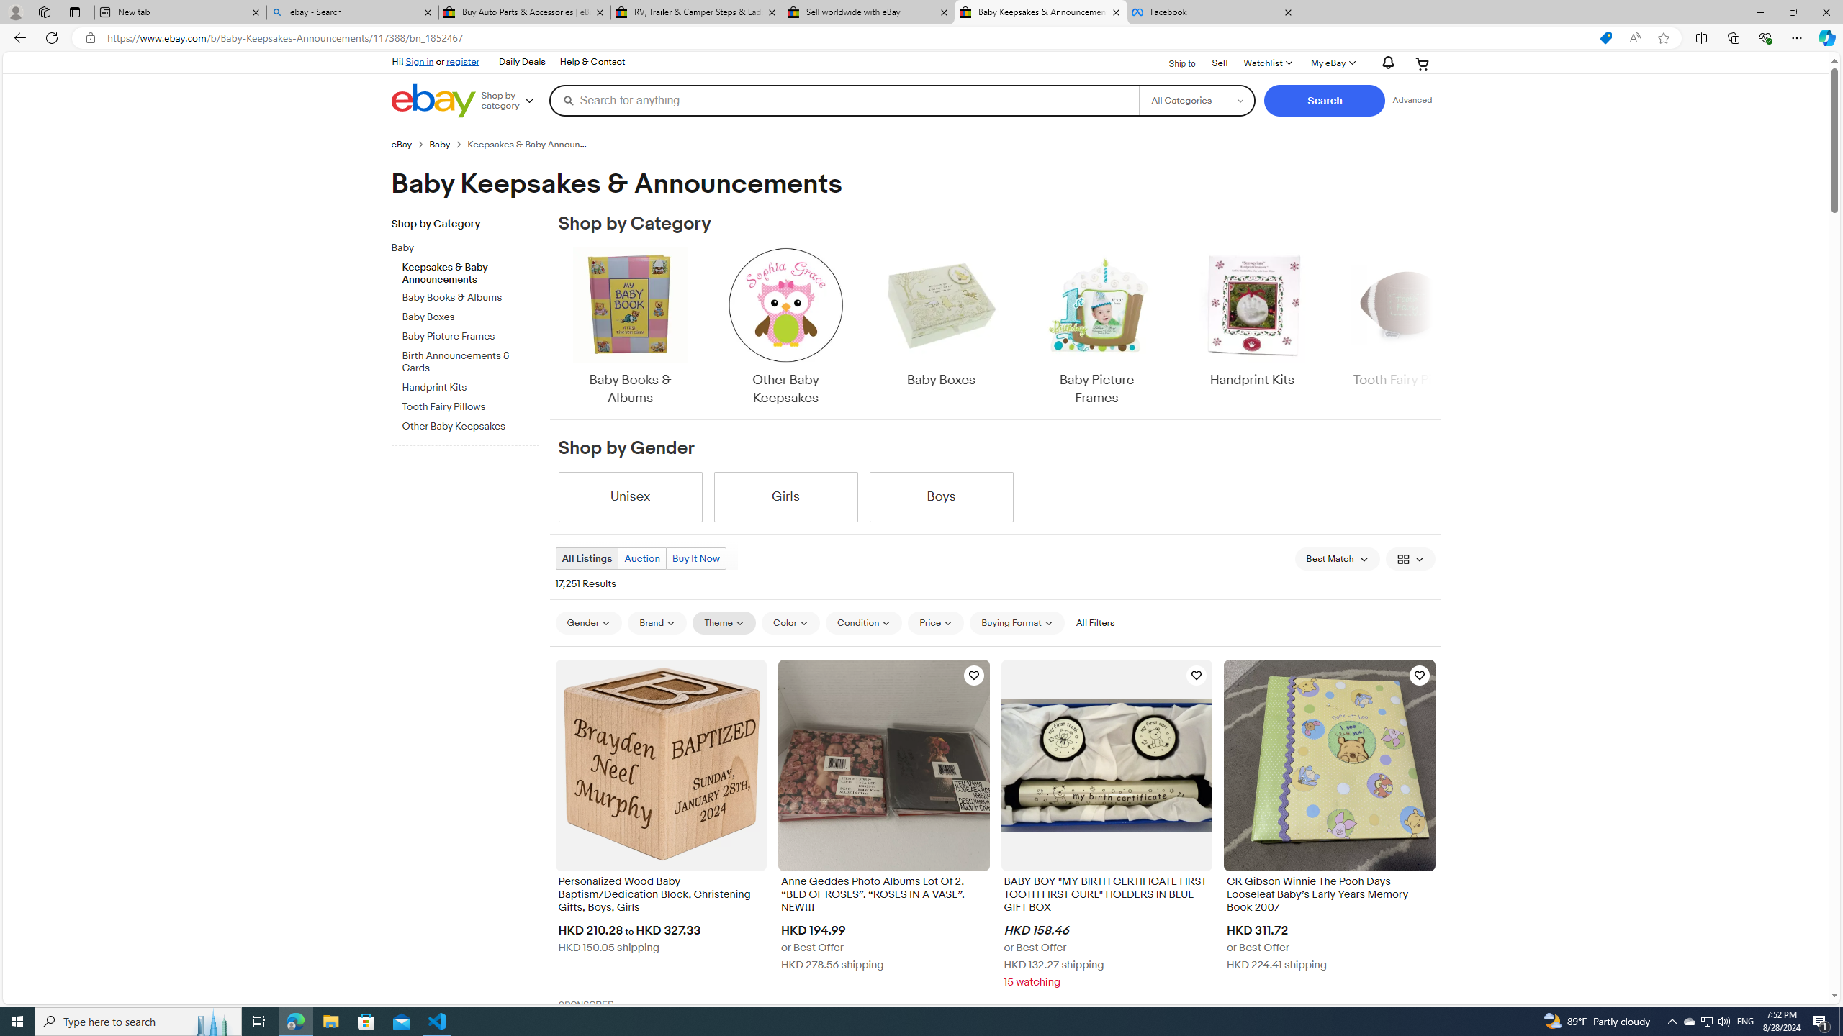 The height and width of the screenshot is (1036, 1843). What do you see at coordinates (785, 496) in the screenshot?
I see `'Girls'` at bounding box center [785, 496].